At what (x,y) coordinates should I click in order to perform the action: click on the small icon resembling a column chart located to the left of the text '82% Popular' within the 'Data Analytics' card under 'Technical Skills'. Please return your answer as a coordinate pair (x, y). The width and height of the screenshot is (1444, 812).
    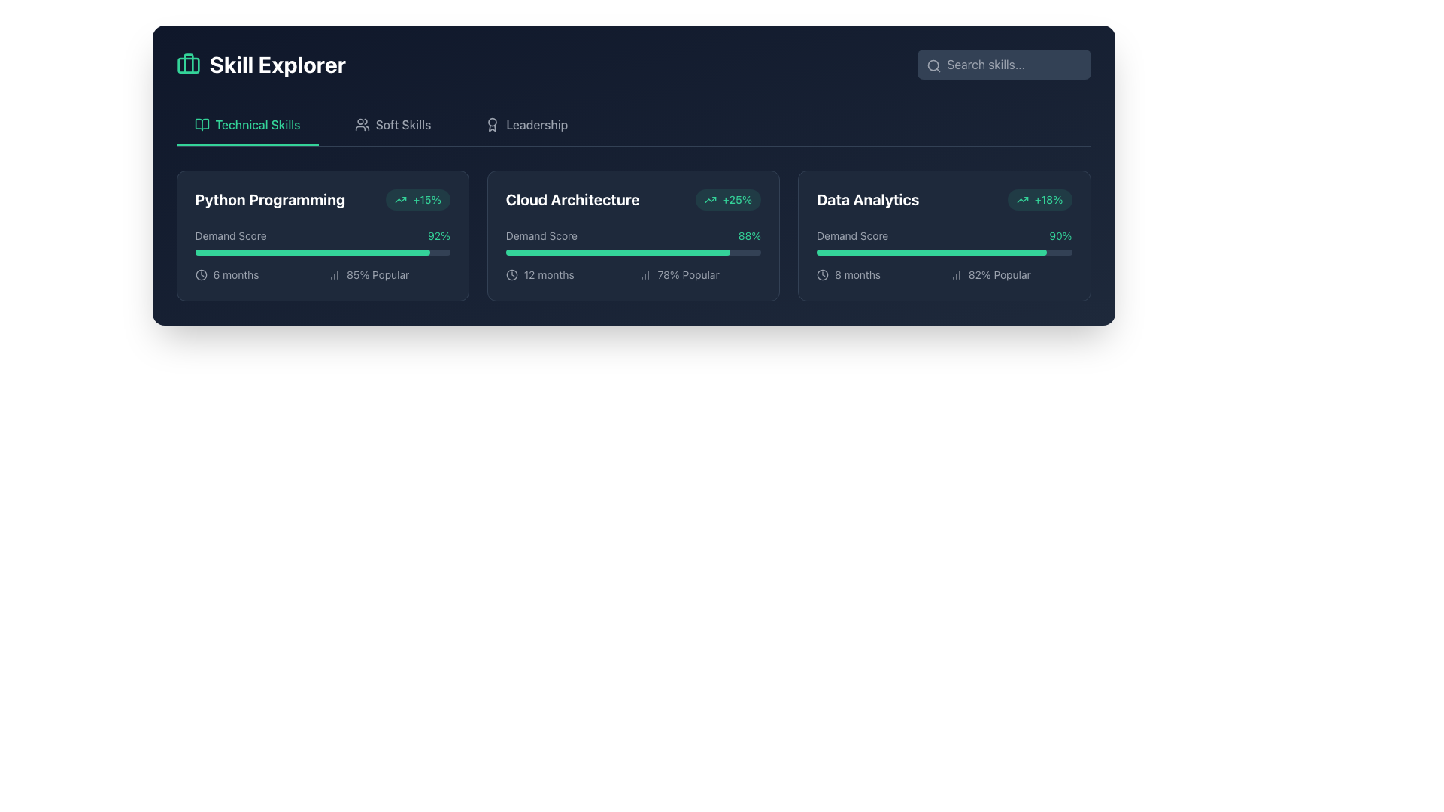
    Looking at the image, I should click on (955, 275).